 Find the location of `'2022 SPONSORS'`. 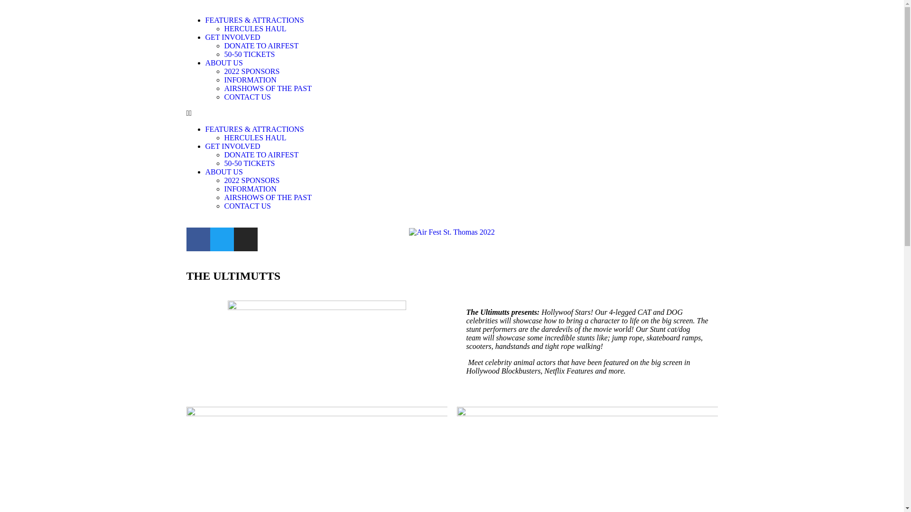

'2022 SPONSORS' is located at coordinates (251, 180).